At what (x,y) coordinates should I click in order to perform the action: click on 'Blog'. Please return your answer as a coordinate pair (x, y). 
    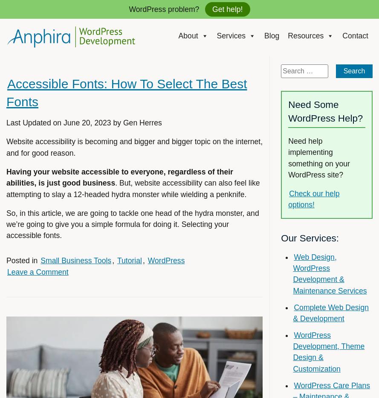
    Looking at the image, I should click on (272, 35).